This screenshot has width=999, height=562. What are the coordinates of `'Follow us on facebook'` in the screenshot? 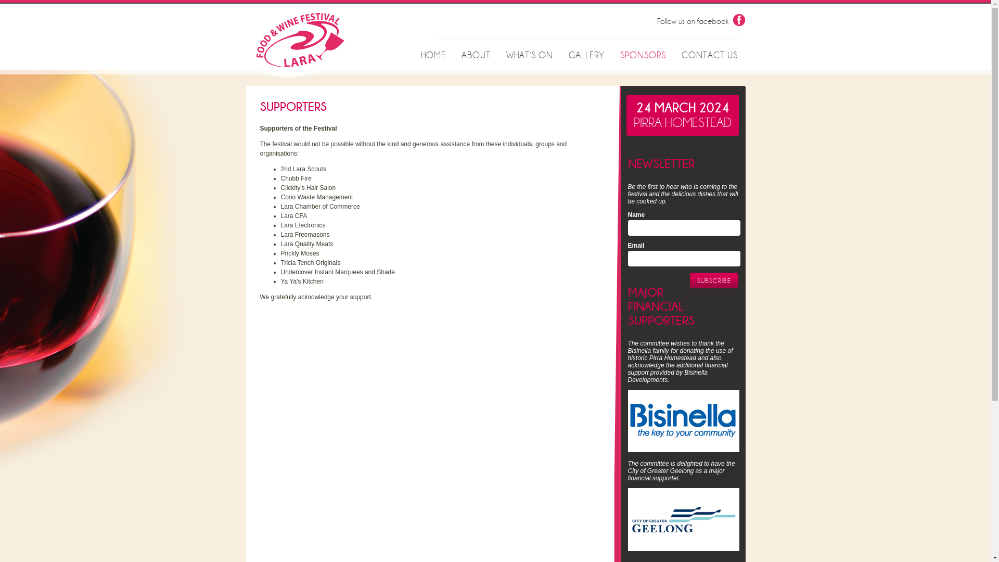 It's located at (656, 21).